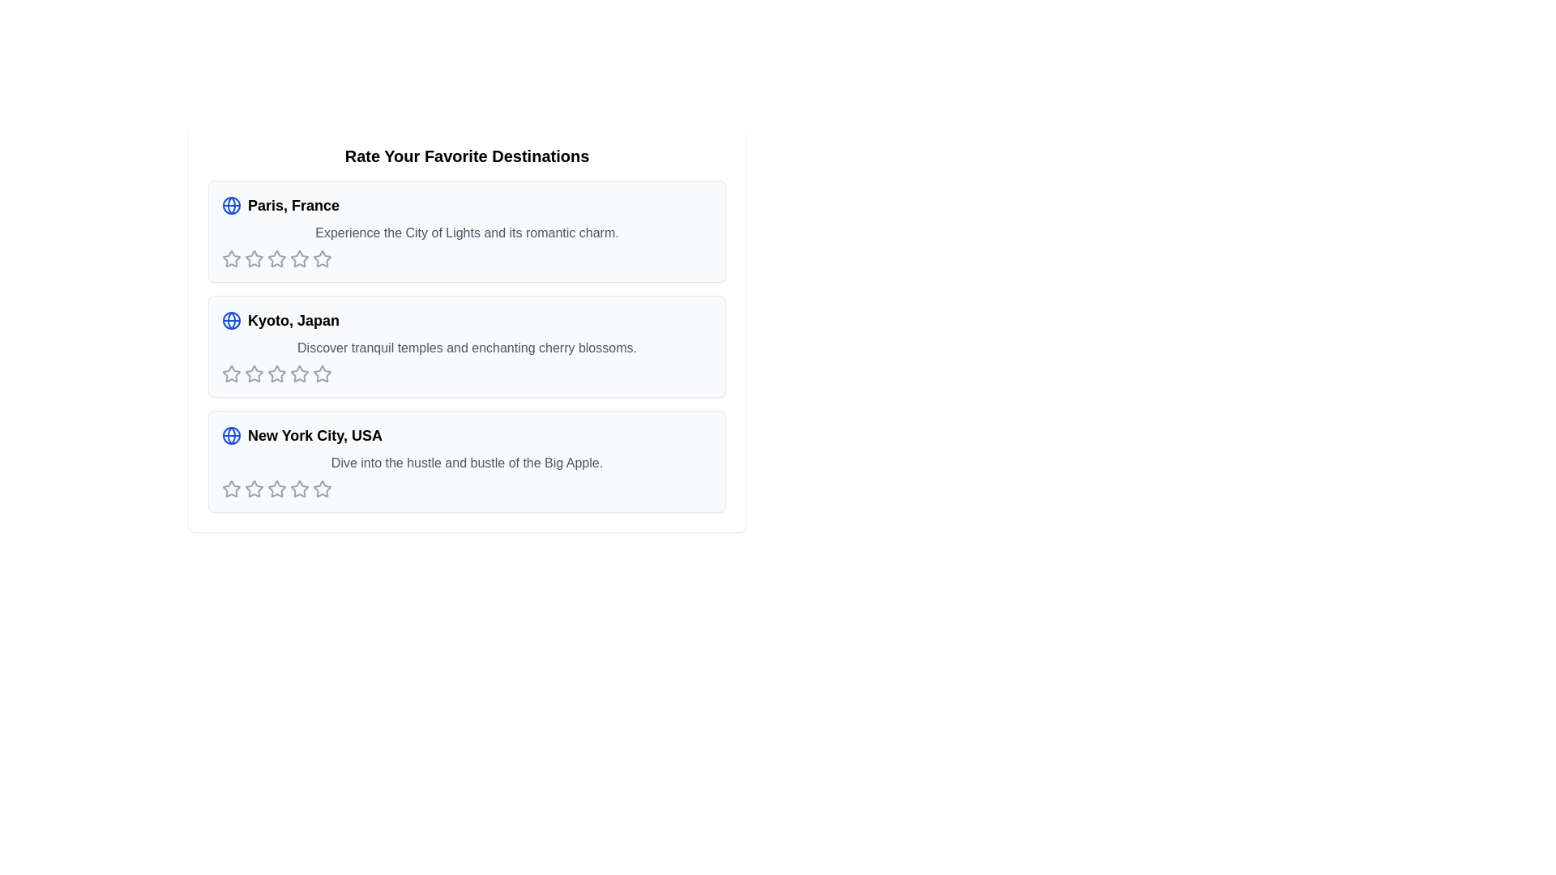 The width and height of the screenshot is (1556, 875). Describe the element at coordinates (276, 374) in the screenshot. I see `the fourth star icon in the five-star rating row for 'Kyoto, Japan' to trigger the scalable hover effect` at that location.